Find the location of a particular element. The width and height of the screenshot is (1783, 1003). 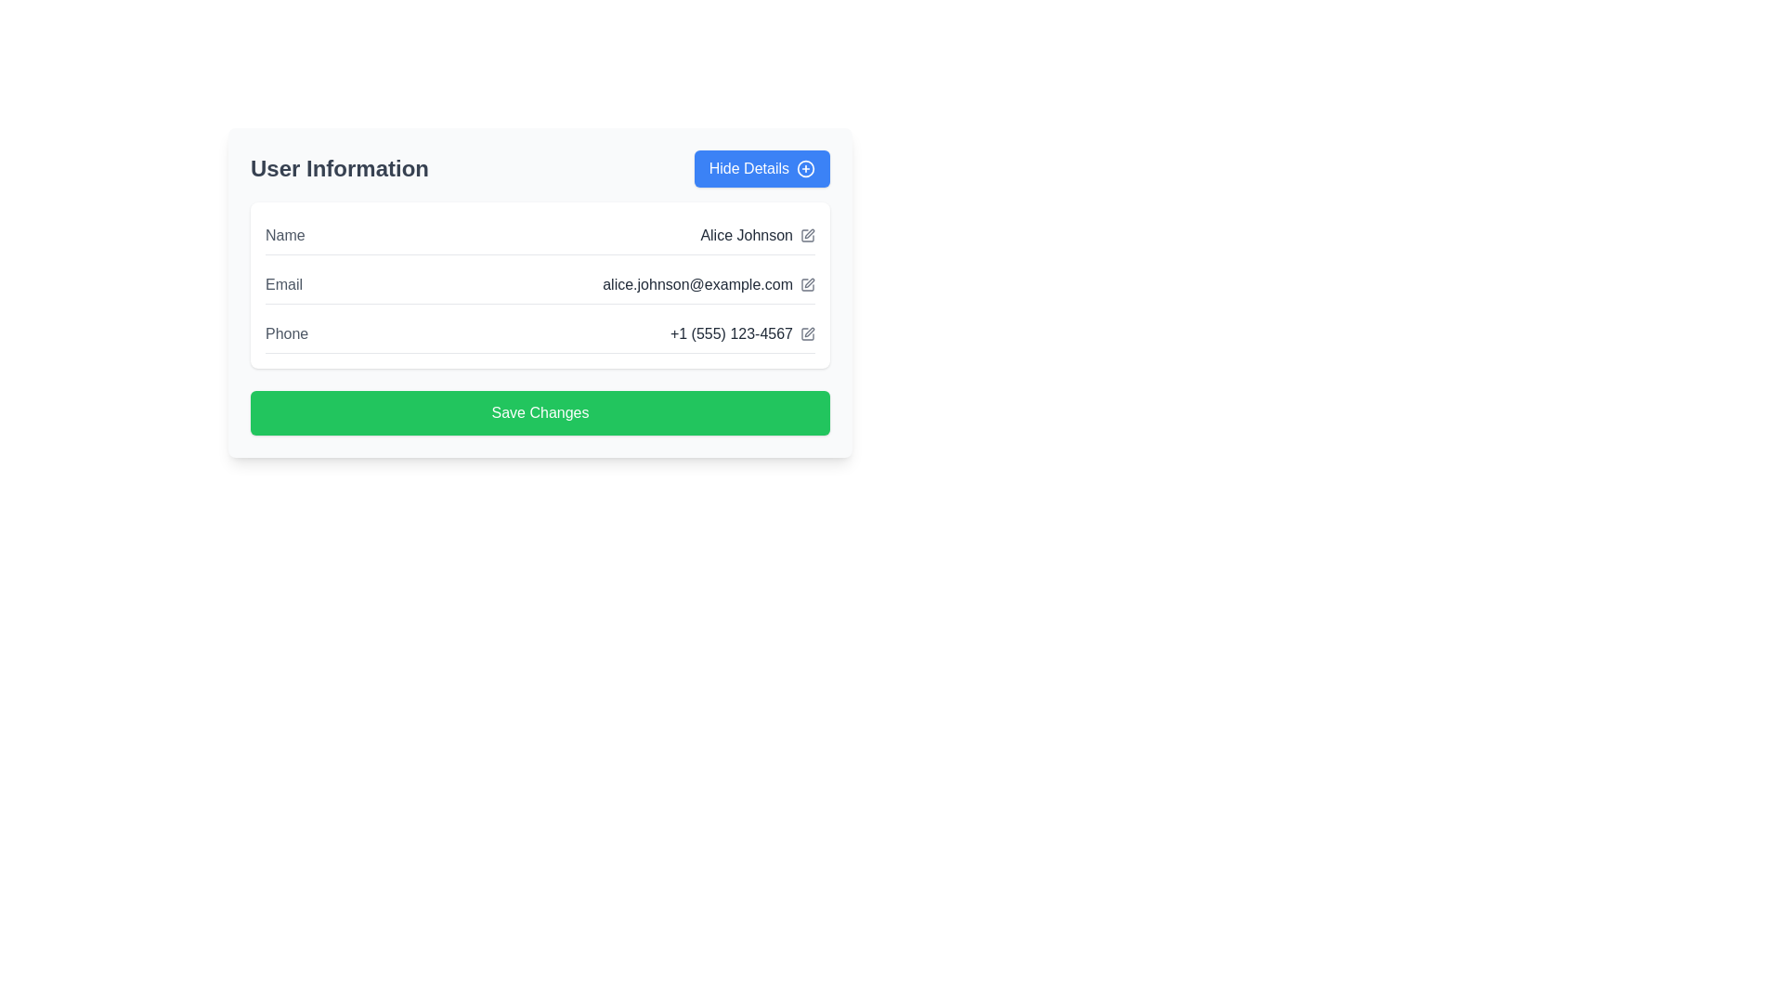

the plus icon within the 'Hide Details' button is located at coordinates (806, 168).